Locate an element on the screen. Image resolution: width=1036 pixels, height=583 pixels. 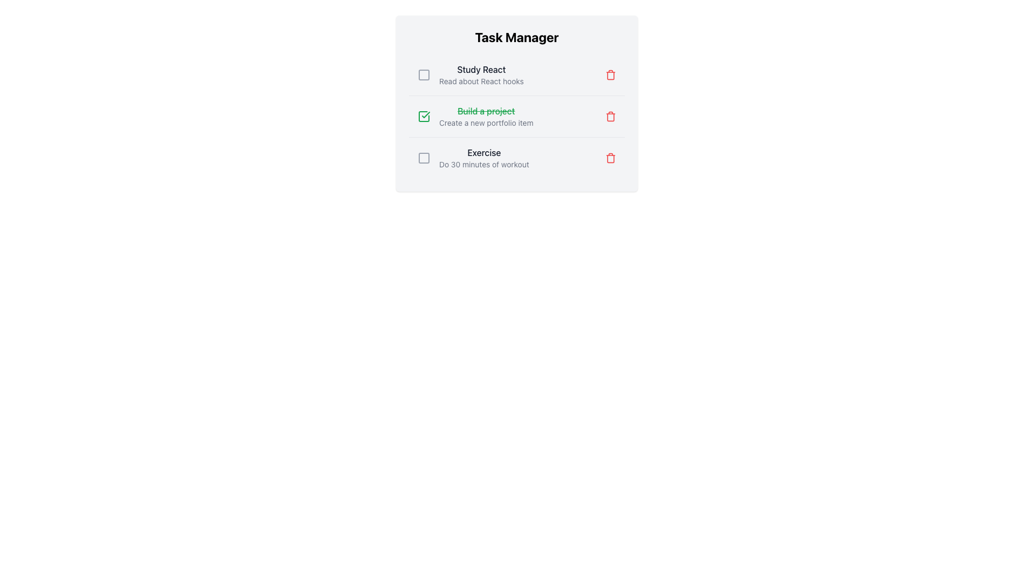
the SVG icon representing task completion status next to 'Build a project' in the Task Manager checklist interface is located at coordinates (424, 117).